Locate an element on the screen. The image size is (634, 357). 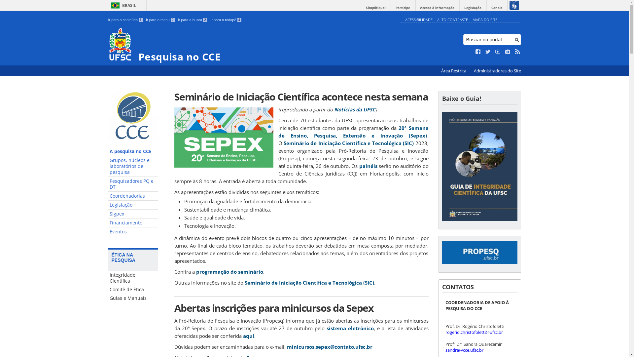
'Canais' is located at coordinates (497, 8).